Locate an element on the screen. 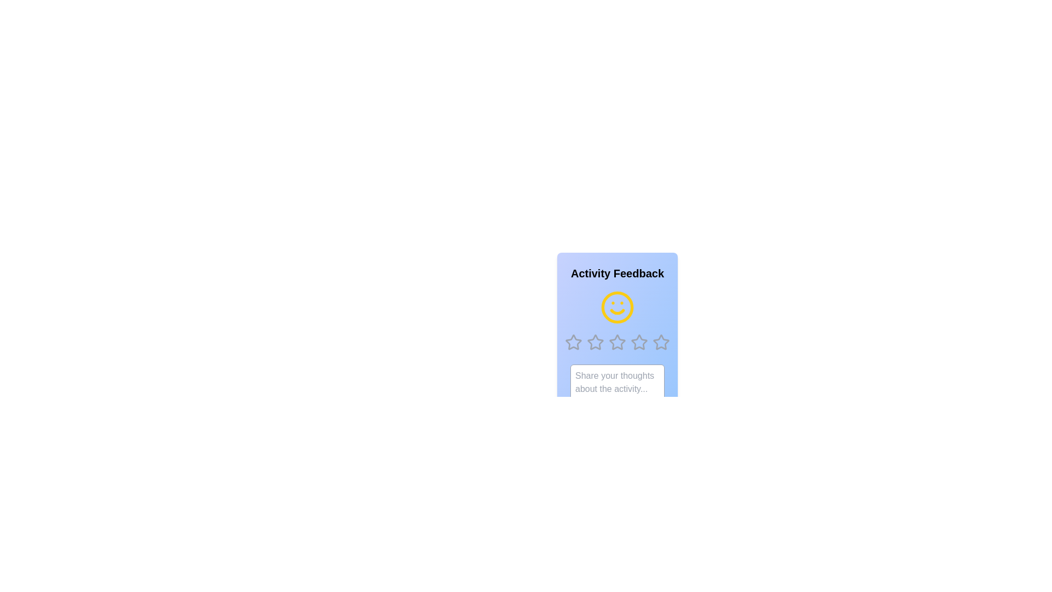 Image resolution: width=1052 pixels, height=592 pixels. the second star icon is located at coordinates (594, 341).